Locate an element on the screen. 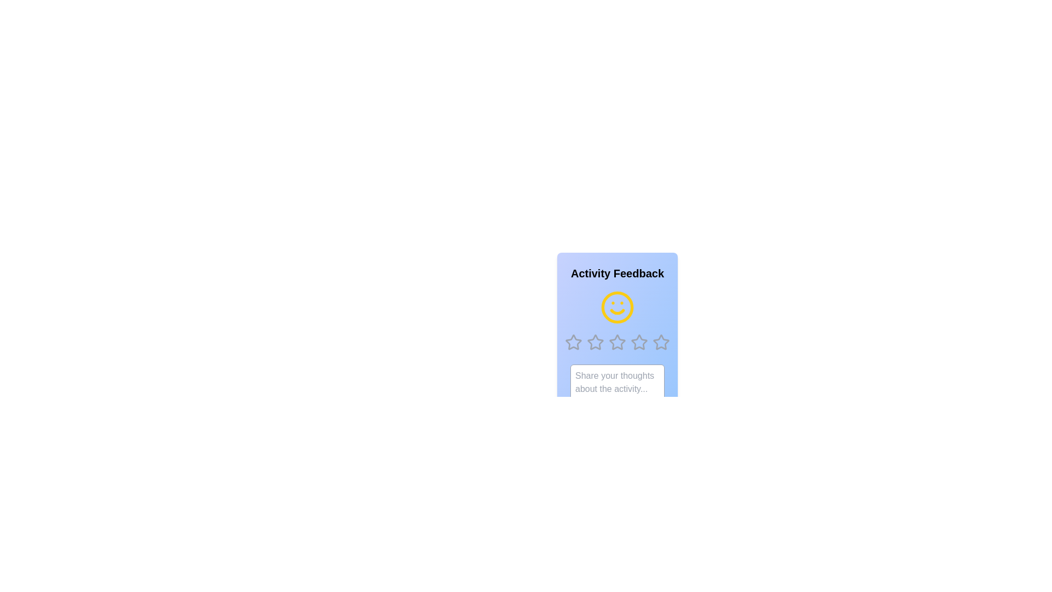 Image resolution: width=1052 pixels, height=592 pixels. the second star icon is located at coordinates (594, 341).